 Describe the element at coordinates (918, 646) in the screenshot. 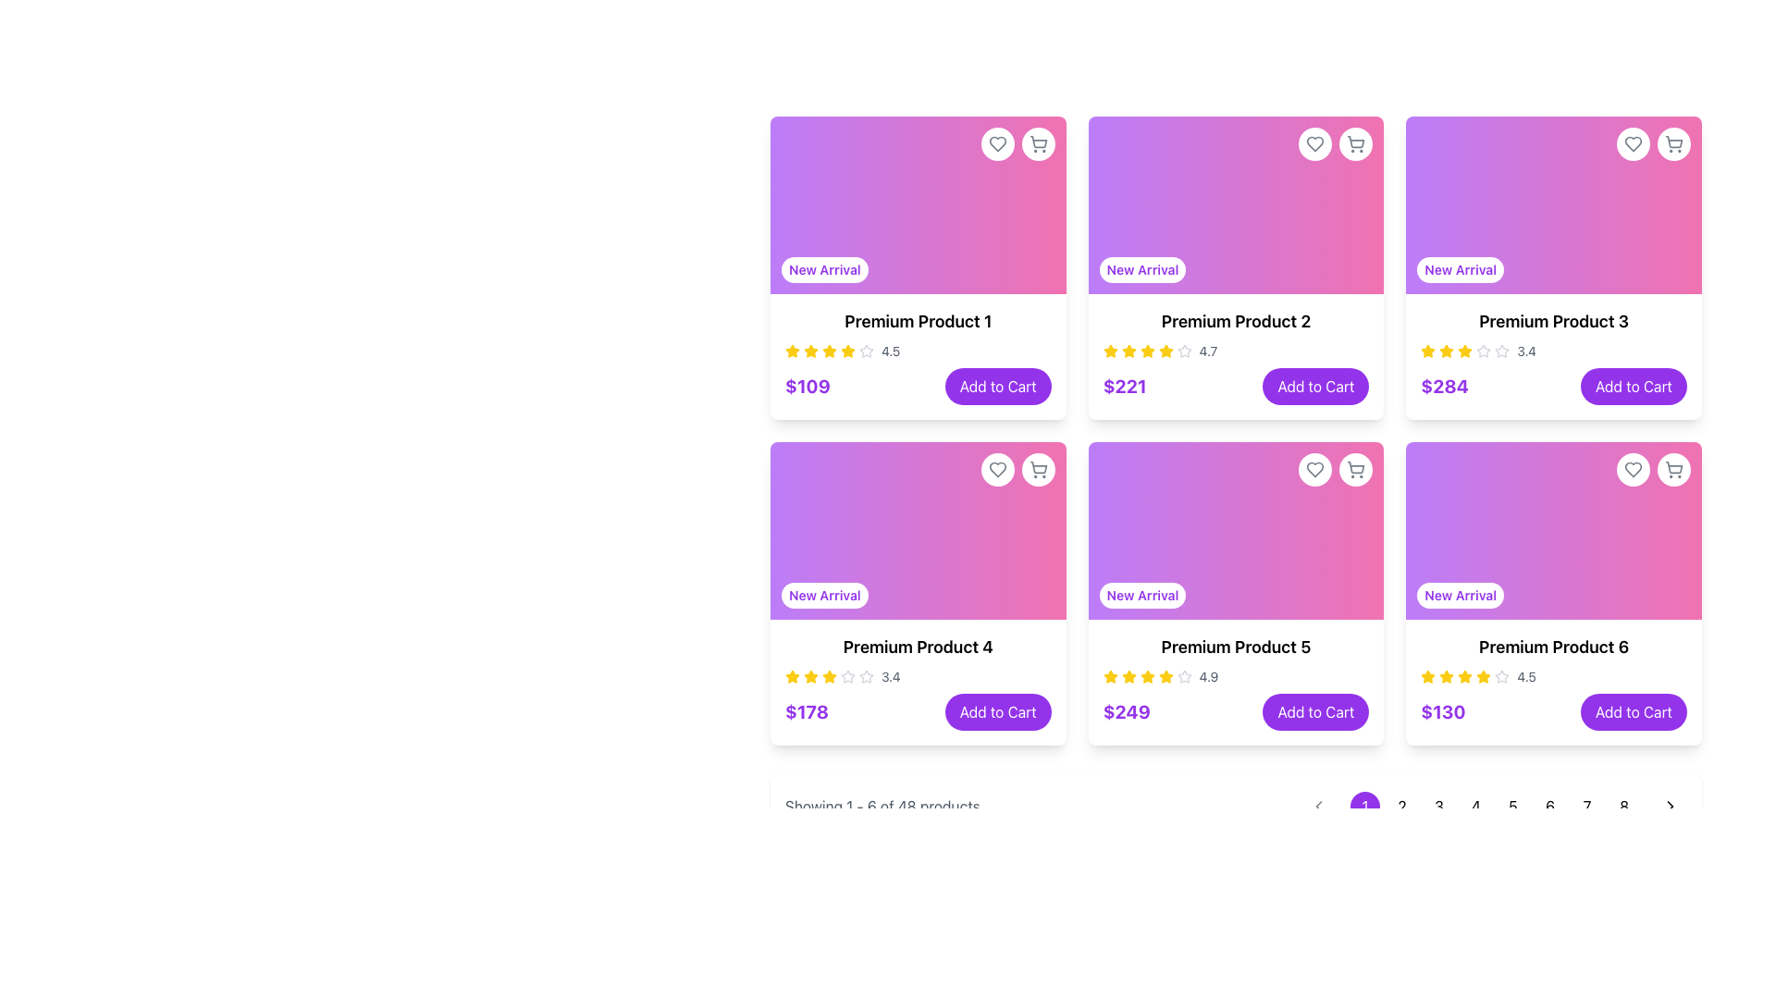

I see `the text label displaying 'Premium Product 4' in bold typeface for identification` at that location.